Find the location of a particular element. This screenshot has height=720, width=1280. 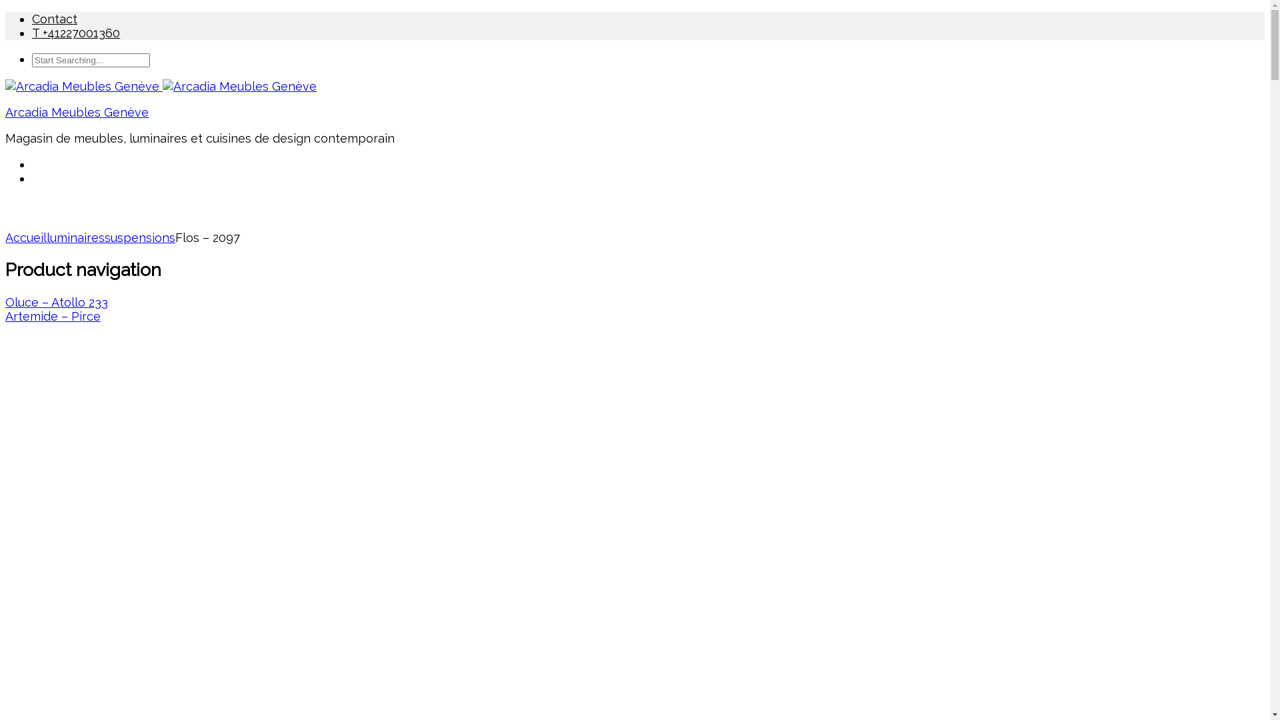

'T +41227001360' is located at coordinates (75, 32).